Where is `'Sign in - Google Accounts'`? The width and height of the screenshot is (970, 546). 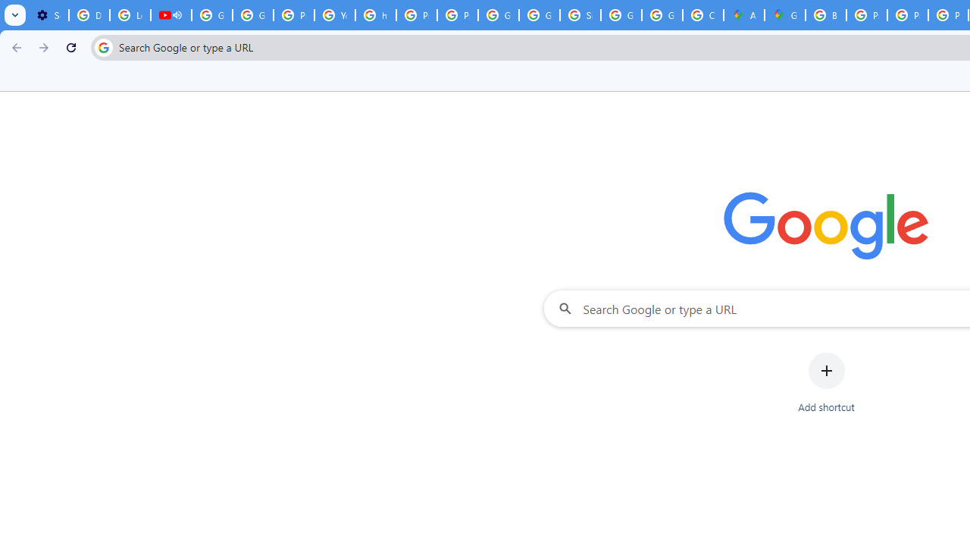
'Sign in - Google Accounts' is located at coordinates (580, 15).